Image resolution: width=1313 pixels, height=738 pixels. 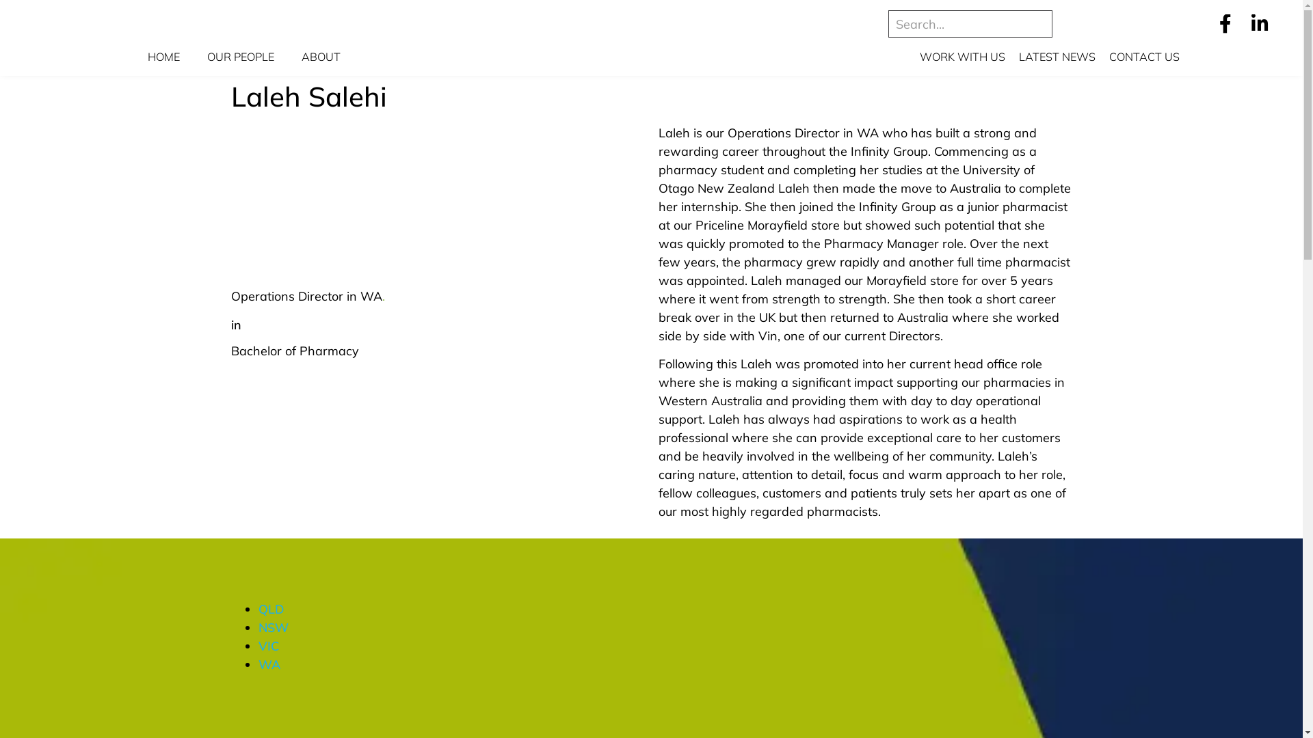 I want to click on 'QLD', so click(x=271, y=608).